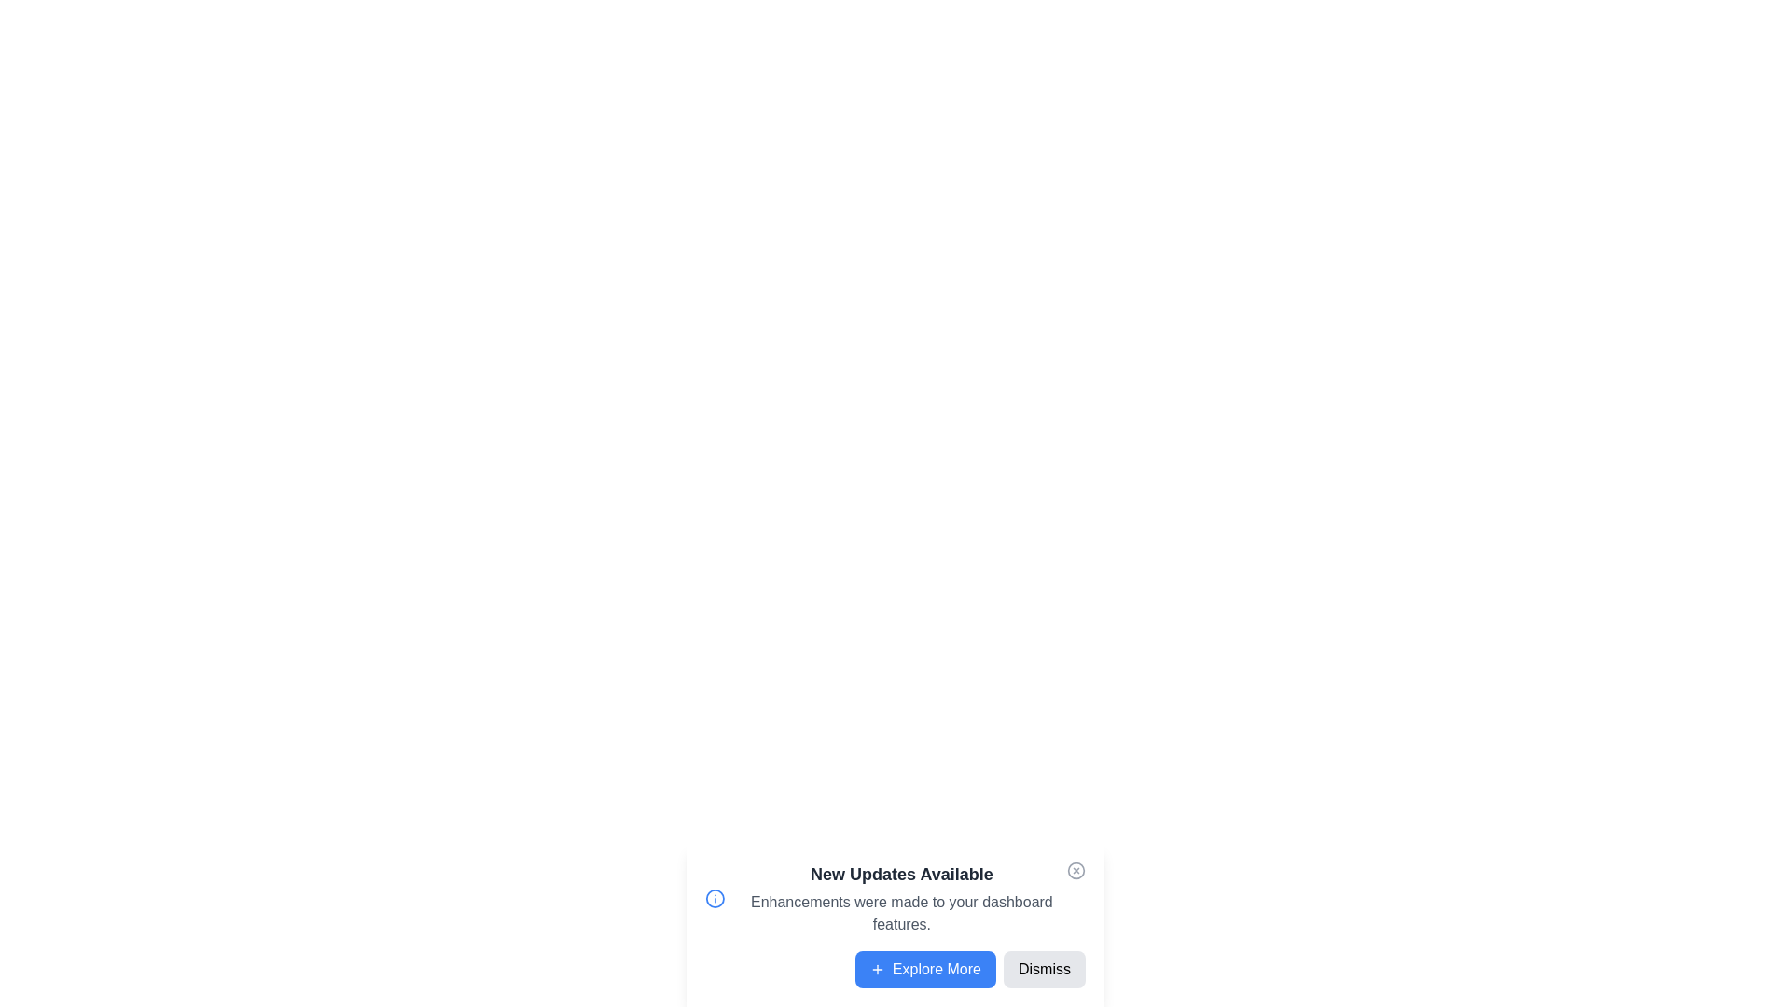  Describe the element at coordinates (1043, 969) in the screenshot. I see `the 'Dismiss' button to close the notification panel` at that location.